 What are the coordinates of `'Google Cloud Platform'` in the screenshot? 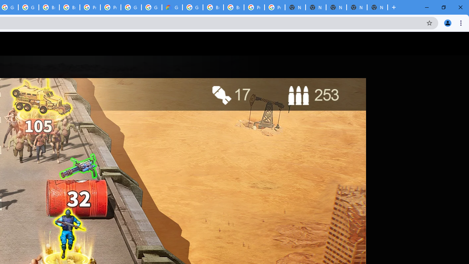 It's located at (193, 7).